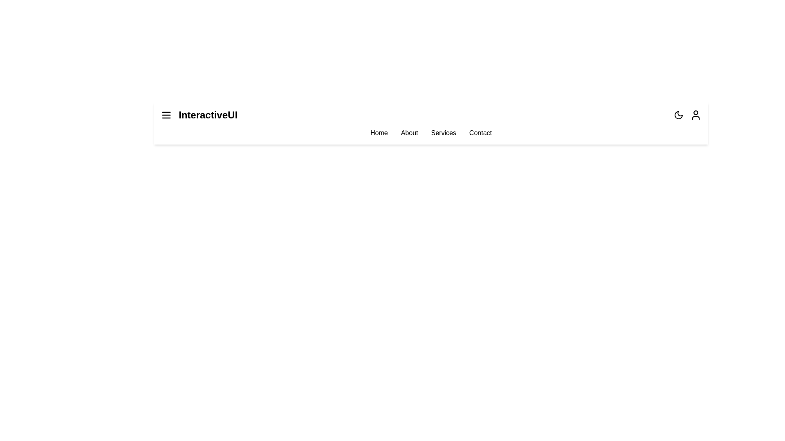 The width and height of the screenshot is (785, 441). Describe the element at coordinates (409, 133) in the screenshot. I see `the menu item About to navigate to the respective section` at that location.